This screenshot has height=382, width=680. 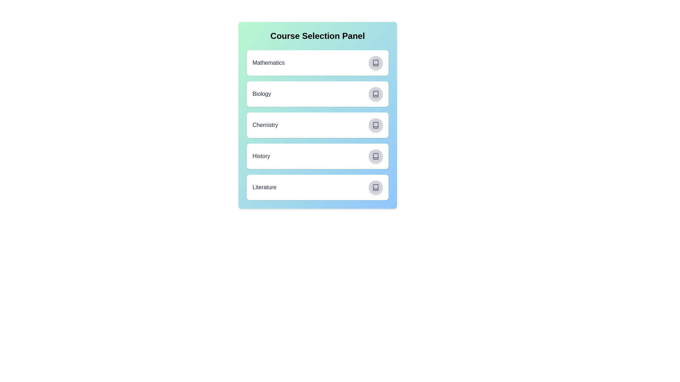 I want to click on the course name Chemistry to highlight or copy it, so click(x=265, y=125).